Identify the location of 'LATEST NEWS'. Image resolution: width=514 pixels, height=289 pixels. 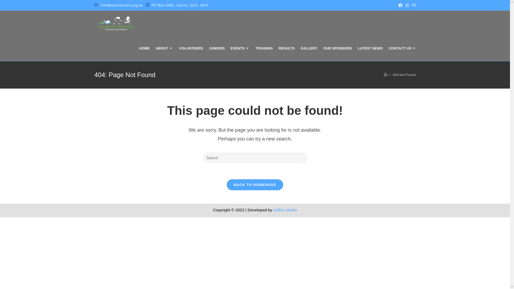
(370, 48).